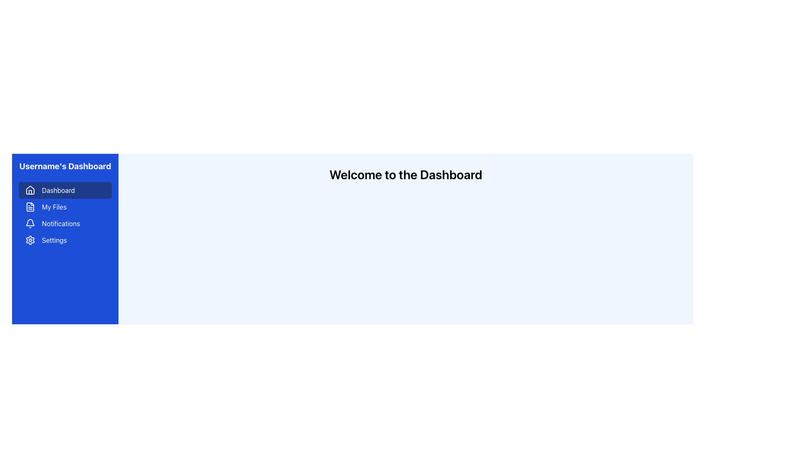  I want to click on the decorative icon representing the 'Dashboard' button located to the left of the 'Dashboard' text in the main navigation panel, so click(30, 190).